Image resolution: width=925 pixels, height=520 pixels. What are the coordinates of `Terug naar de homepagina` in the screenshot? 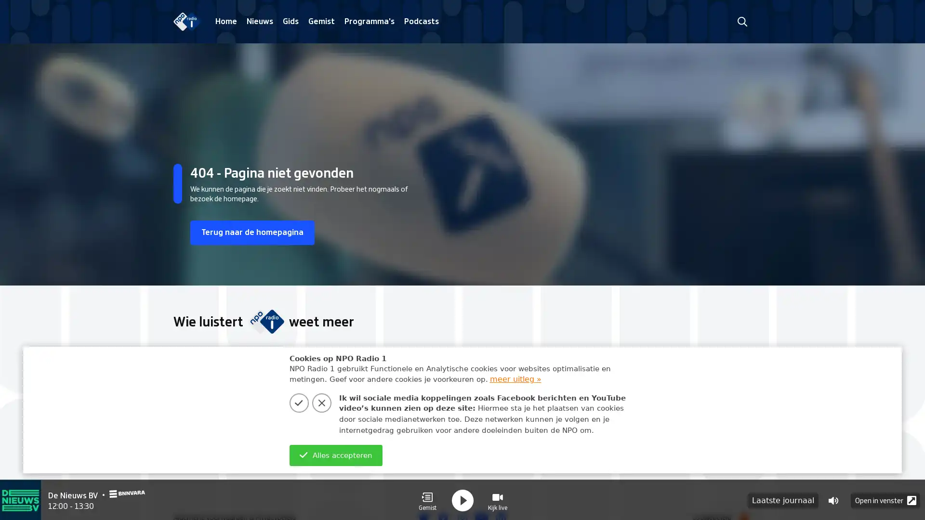 It's located at (256, 233).